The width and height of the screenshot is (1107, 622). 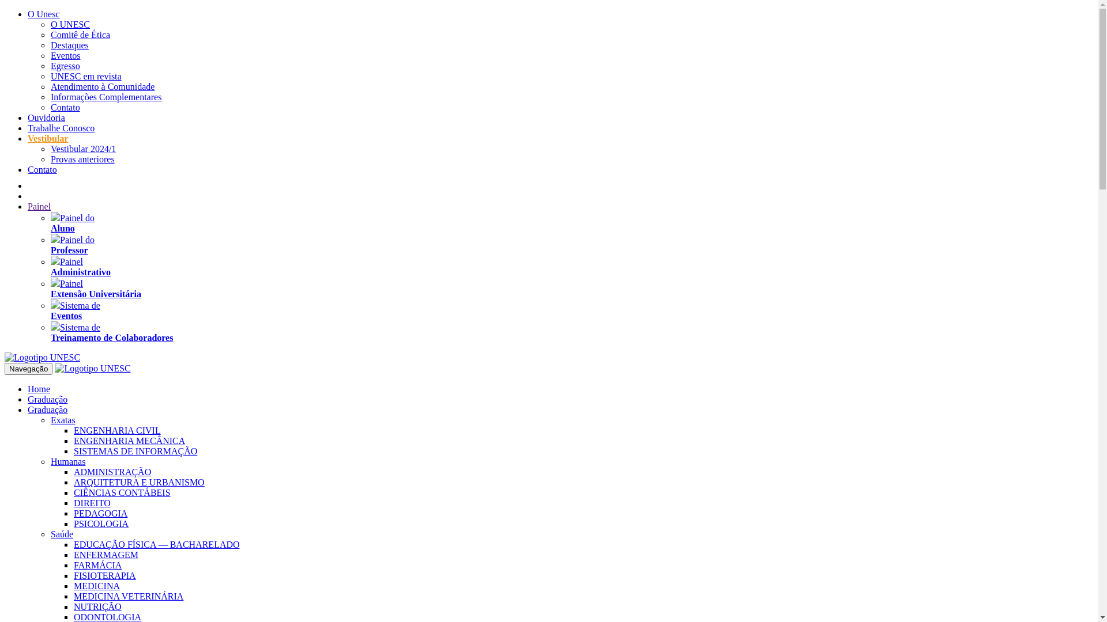 I want to click on 'Vestibular 2024/1', so click(x=50, y=148).